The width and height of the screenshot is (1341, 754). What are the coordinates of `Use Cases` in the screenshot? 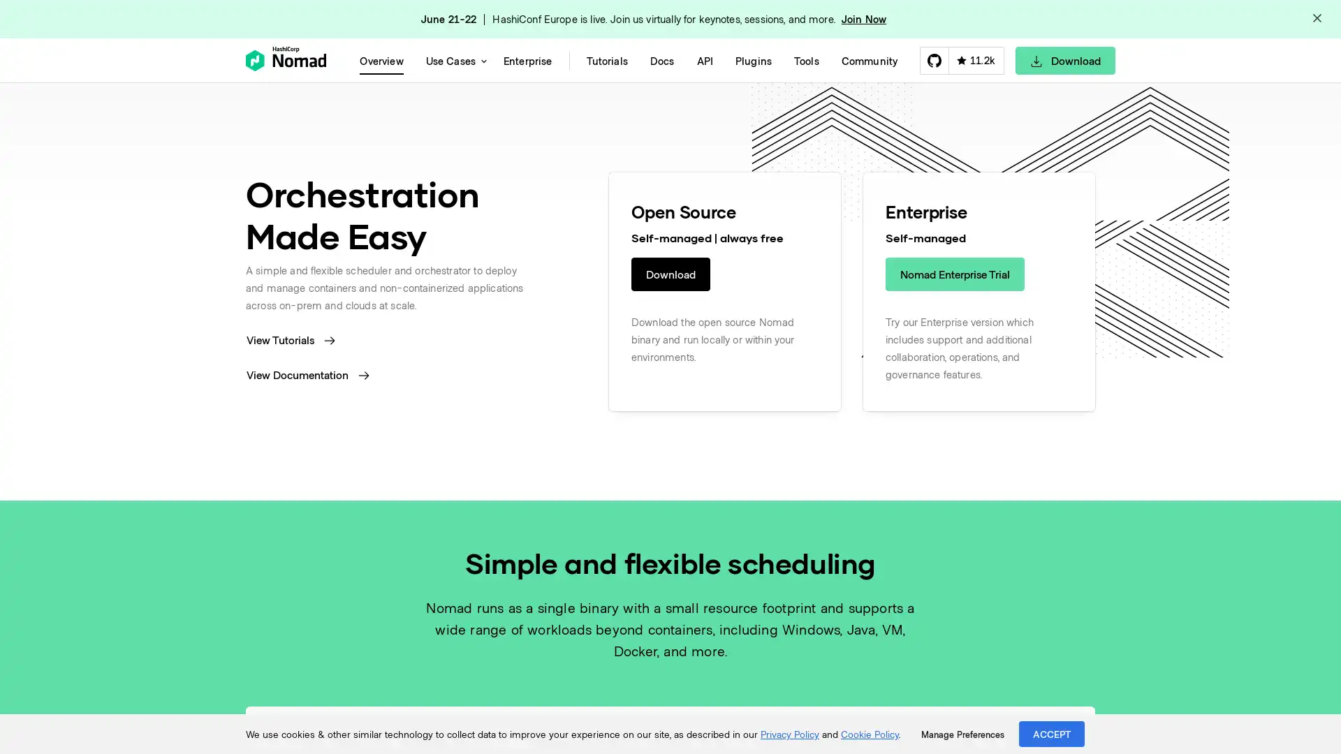 It's located at (453, 60).